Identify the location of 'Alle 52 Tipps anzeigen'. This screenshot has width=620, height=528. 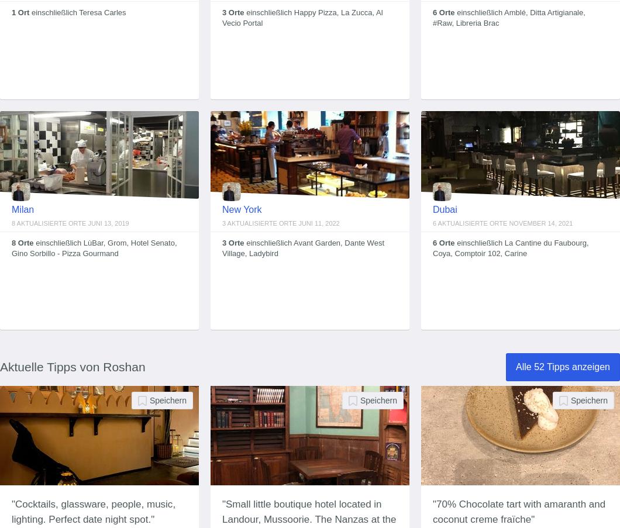
(562, 367).